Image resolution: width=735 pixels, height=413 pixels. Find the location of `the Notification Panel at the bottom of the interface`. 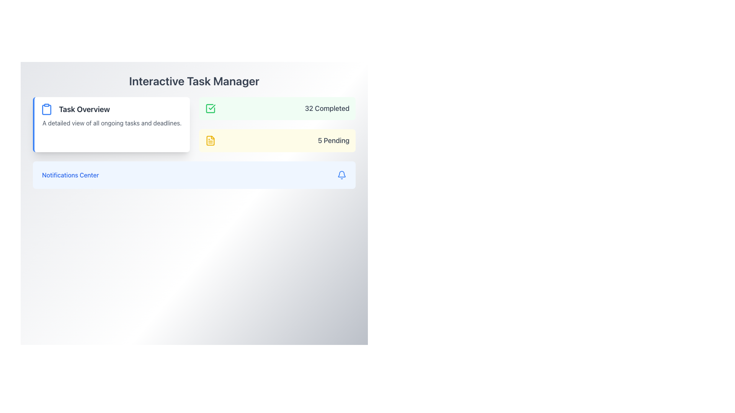

the Notification Panel at the bottom of the interface is located at coordinates (194, 175).